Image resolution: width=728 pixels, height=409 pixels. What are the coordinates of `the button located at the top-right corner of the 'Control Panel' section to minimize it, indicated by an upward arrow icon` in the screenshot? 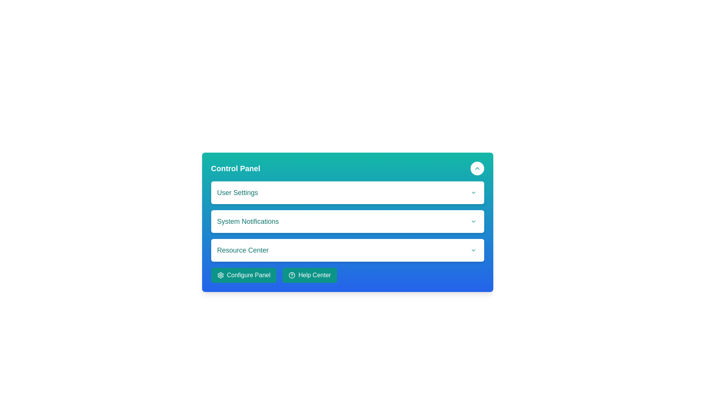 It's located at (477, 168).